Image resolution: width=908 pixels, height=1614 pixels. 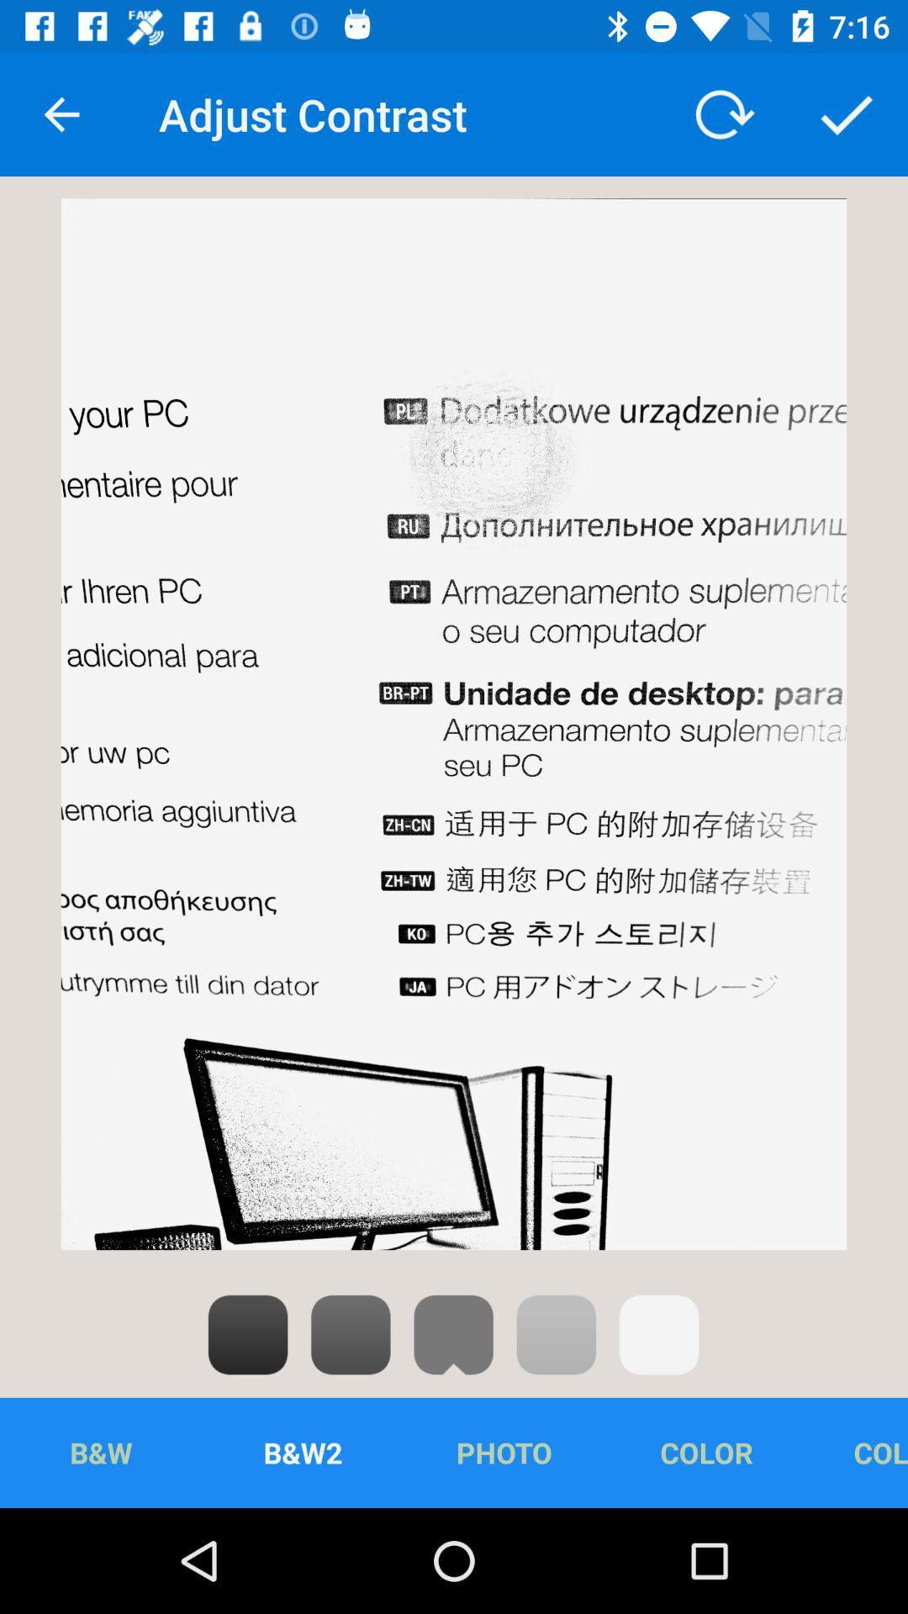 What do you see at coordinates (61, 113) in the screenshot?
I see `the icon at the top left corner` at bounding box center [61, 113].